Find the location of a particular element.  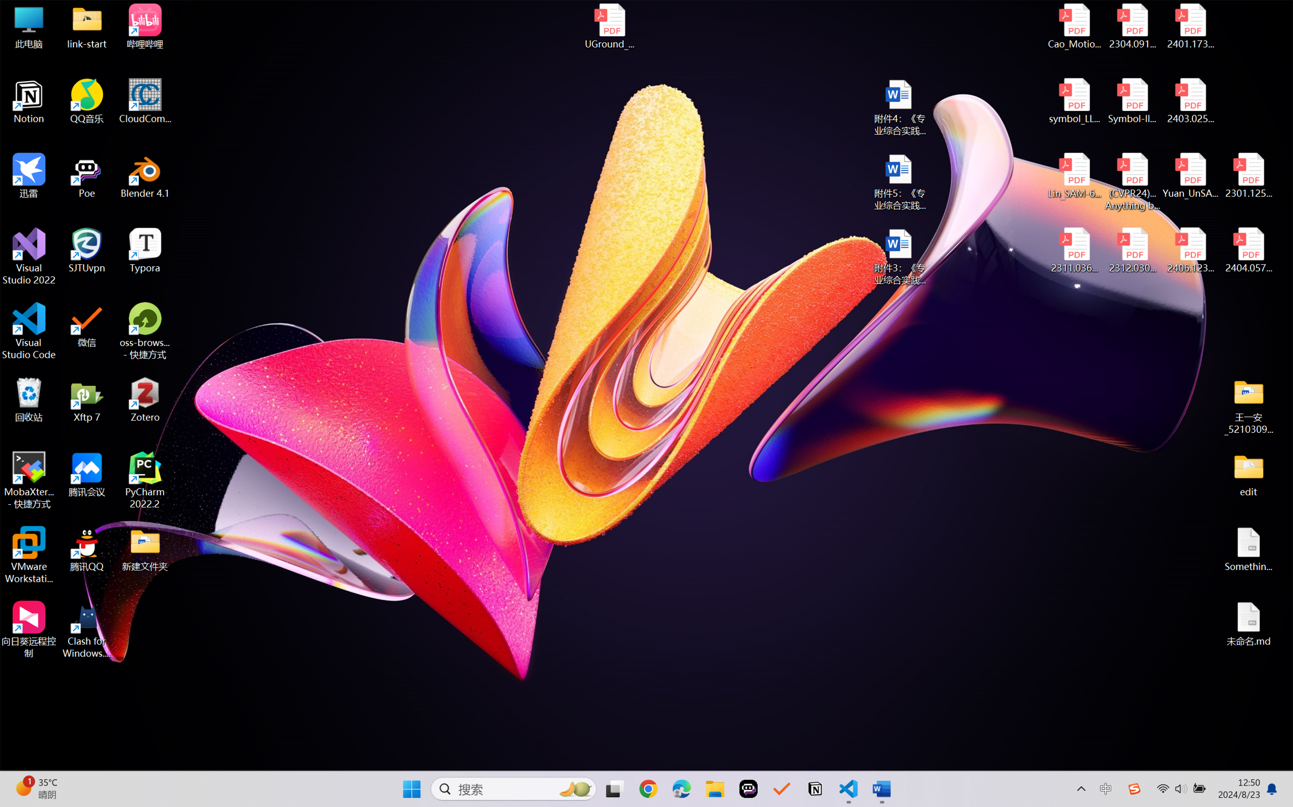

'Symbol-llm-v2.pdf' is located at coordinates (1132, 101).